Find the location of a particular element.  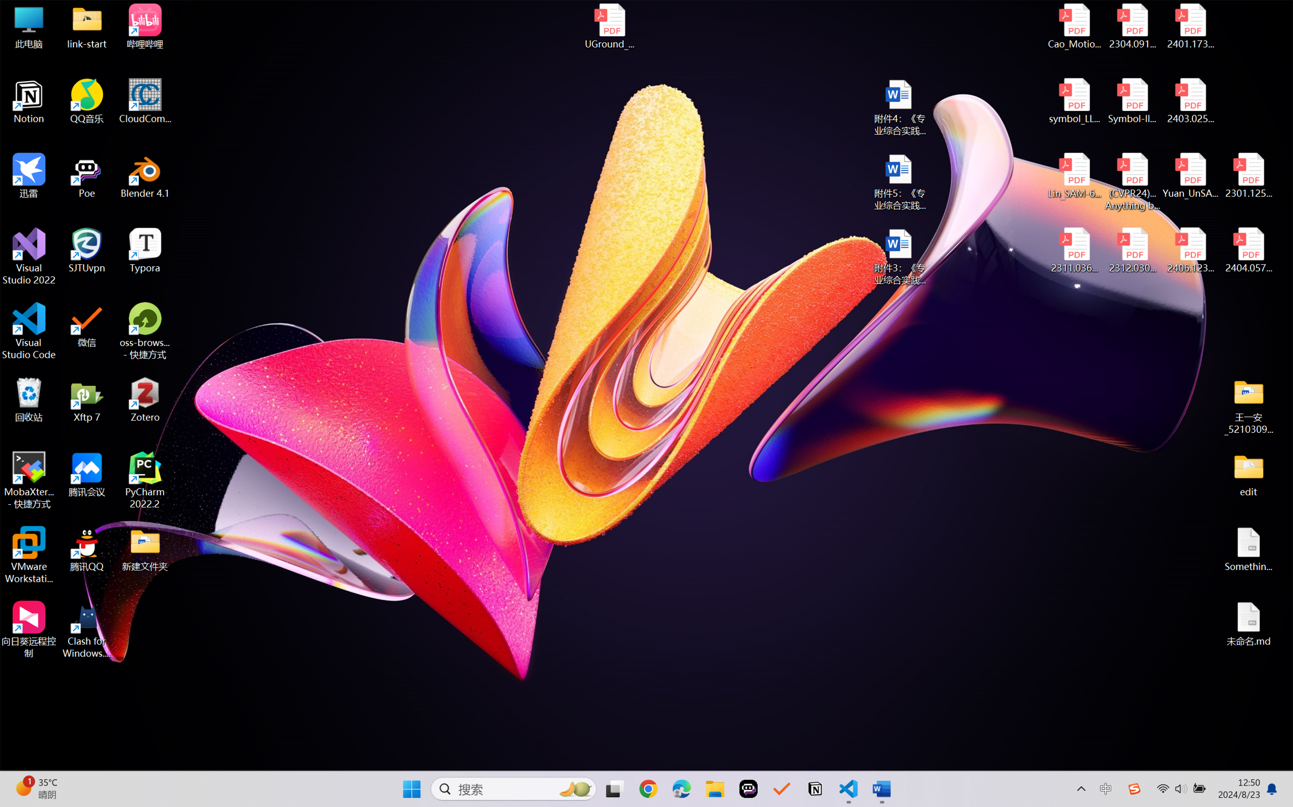

'Symbol-llm-v2.pdf' is located at coordinates (1132, 101).